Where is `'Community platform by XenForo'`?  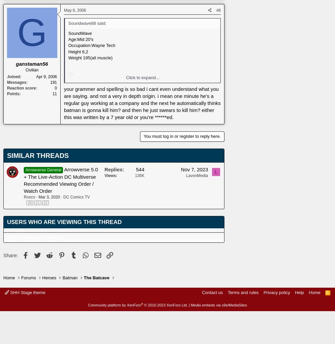 'Community platform by XenForo' is located at coordinates (114, 304).